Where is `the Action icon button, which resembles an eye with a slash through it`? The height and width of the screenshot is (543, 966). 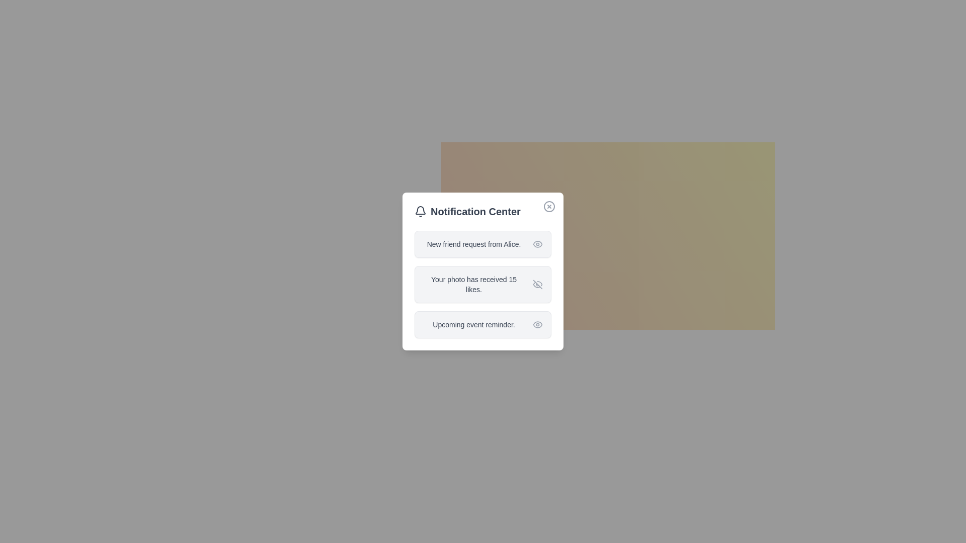 the Action icon button, which resembles an eye with a slash through it is located at coordinates (537, 285).